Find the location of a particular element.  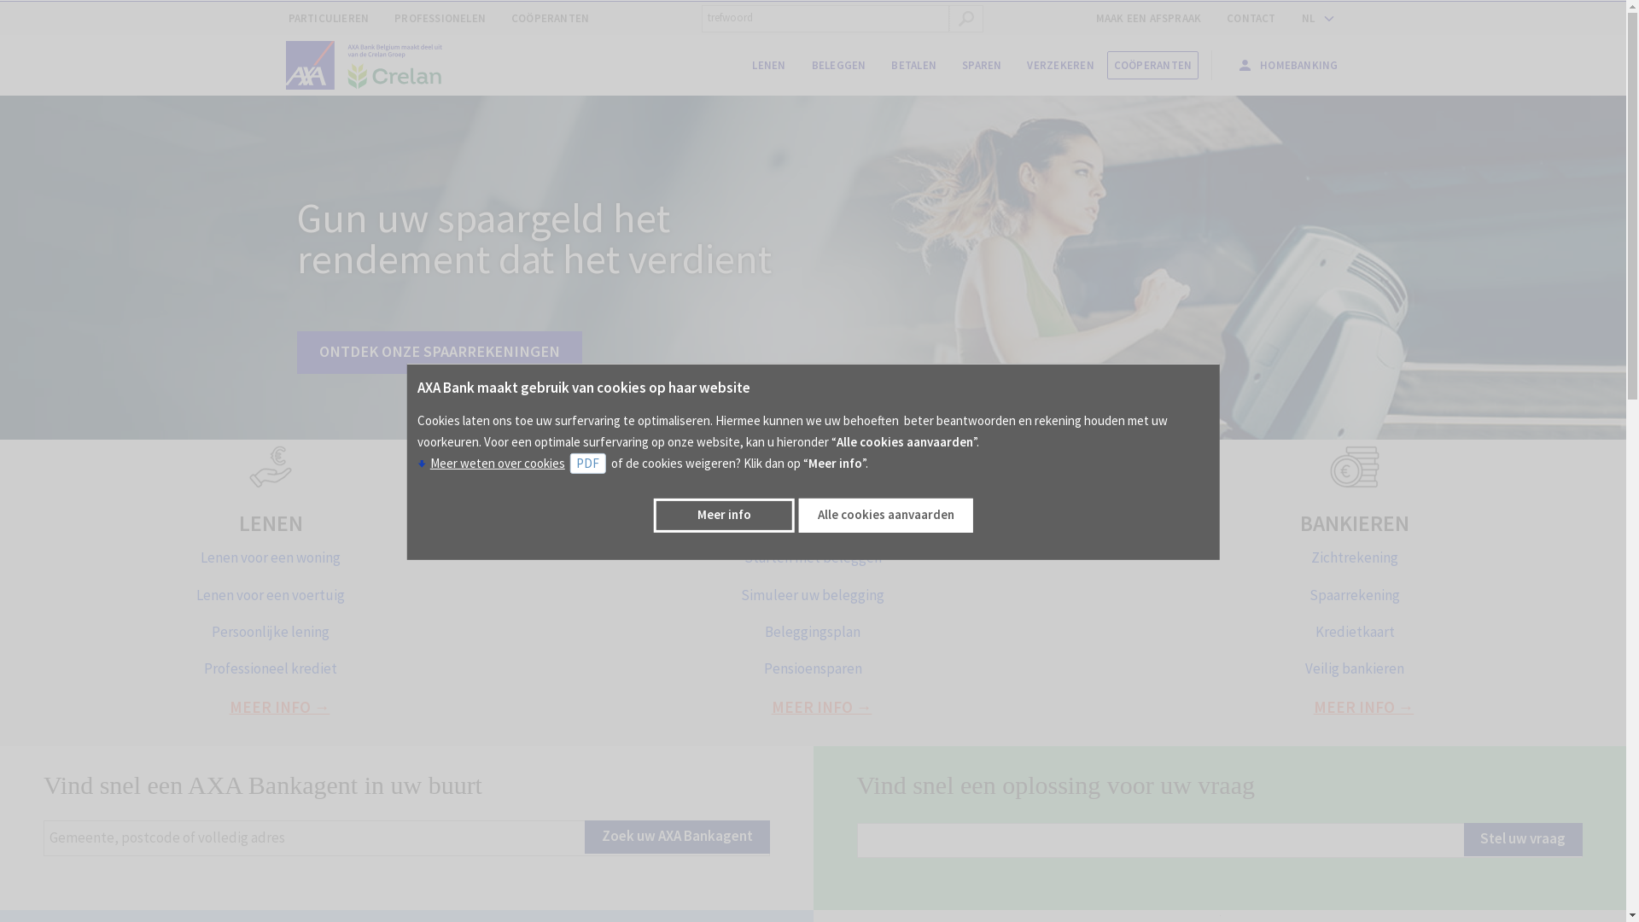

'Simuleer uw belegging' is located at coordinates (811, 594).